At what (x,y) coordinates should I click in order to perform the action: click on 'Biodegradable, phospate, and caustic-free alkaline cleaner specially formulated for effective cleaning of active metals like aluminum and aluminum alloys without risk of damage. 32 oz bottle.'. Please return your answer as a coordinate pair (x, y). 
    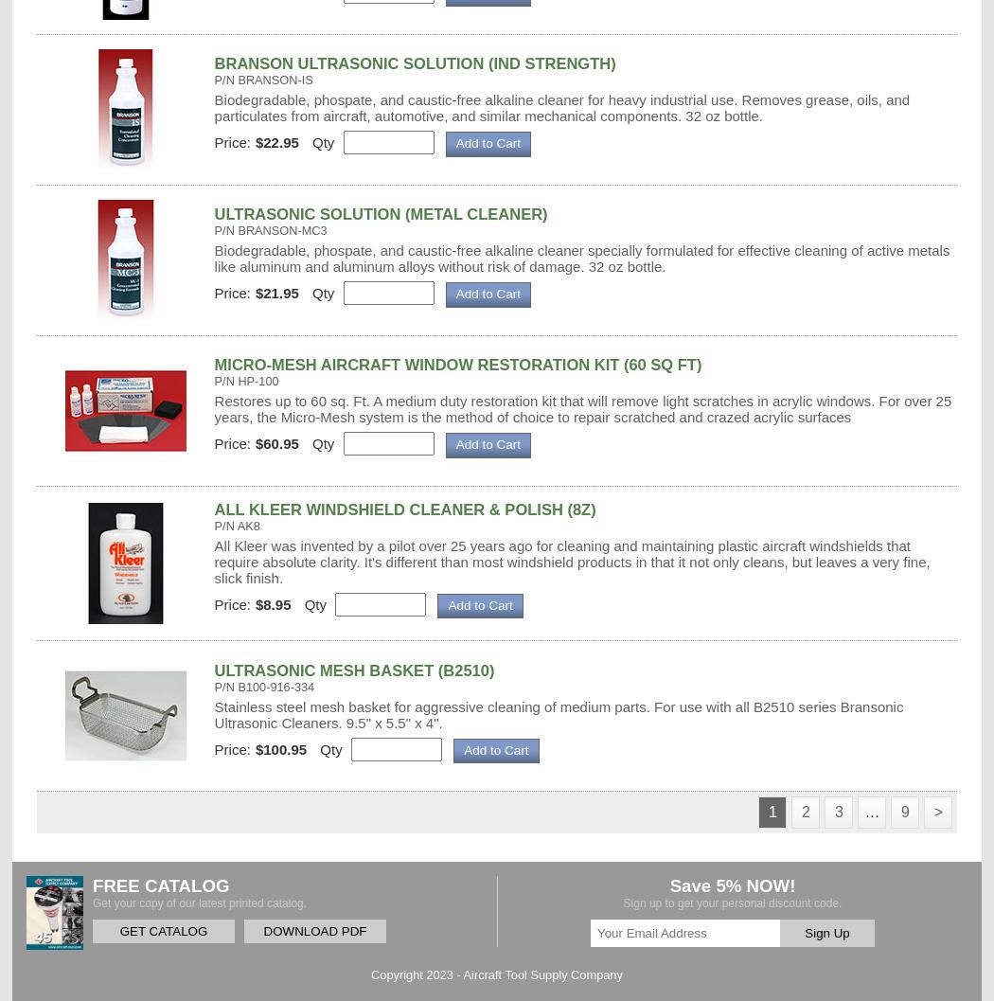
    Looking at the image, I should click on (213, 258).